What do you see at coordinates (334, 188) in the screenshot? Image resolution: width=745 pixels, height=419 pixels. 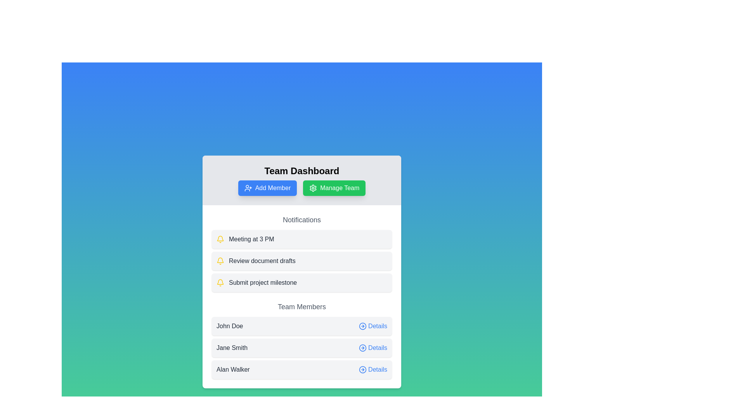 I see `the green 'Manage Team' button with a gear icon to check for any tooltip that appears` at bounding box center [334, 188].